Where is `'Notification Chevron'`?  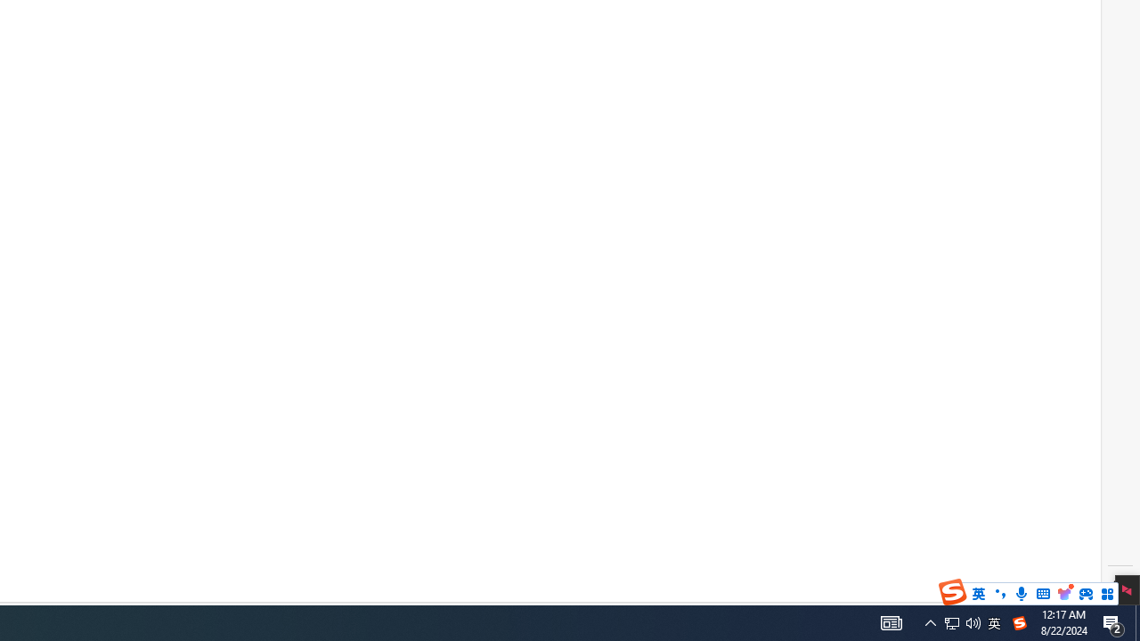 'Notification Chevron' is located at coordinates (930, 621).